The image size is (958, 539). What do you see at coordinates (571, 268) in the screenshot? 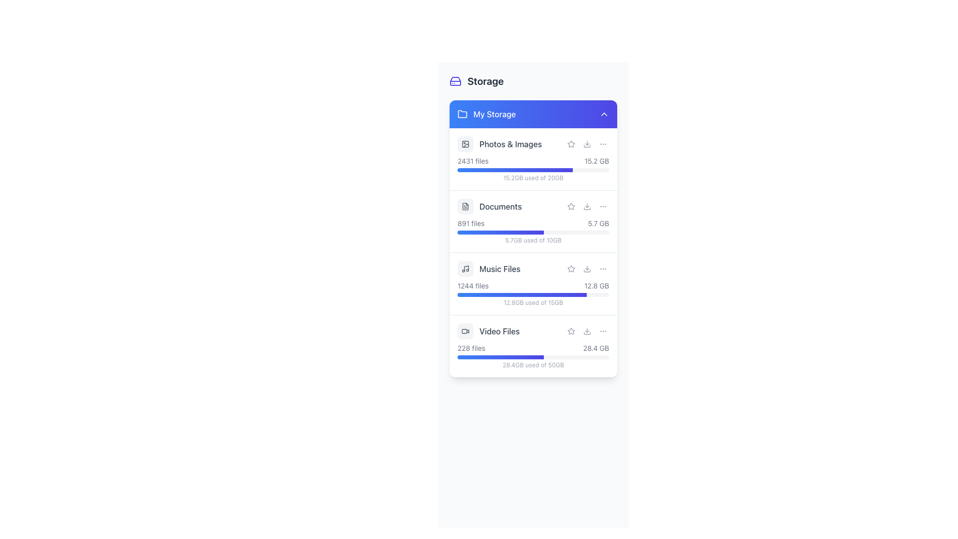
I see `the star icon located in the 'Music Files' section of the 'My Storage' panel` at bounding box center [571, 268].